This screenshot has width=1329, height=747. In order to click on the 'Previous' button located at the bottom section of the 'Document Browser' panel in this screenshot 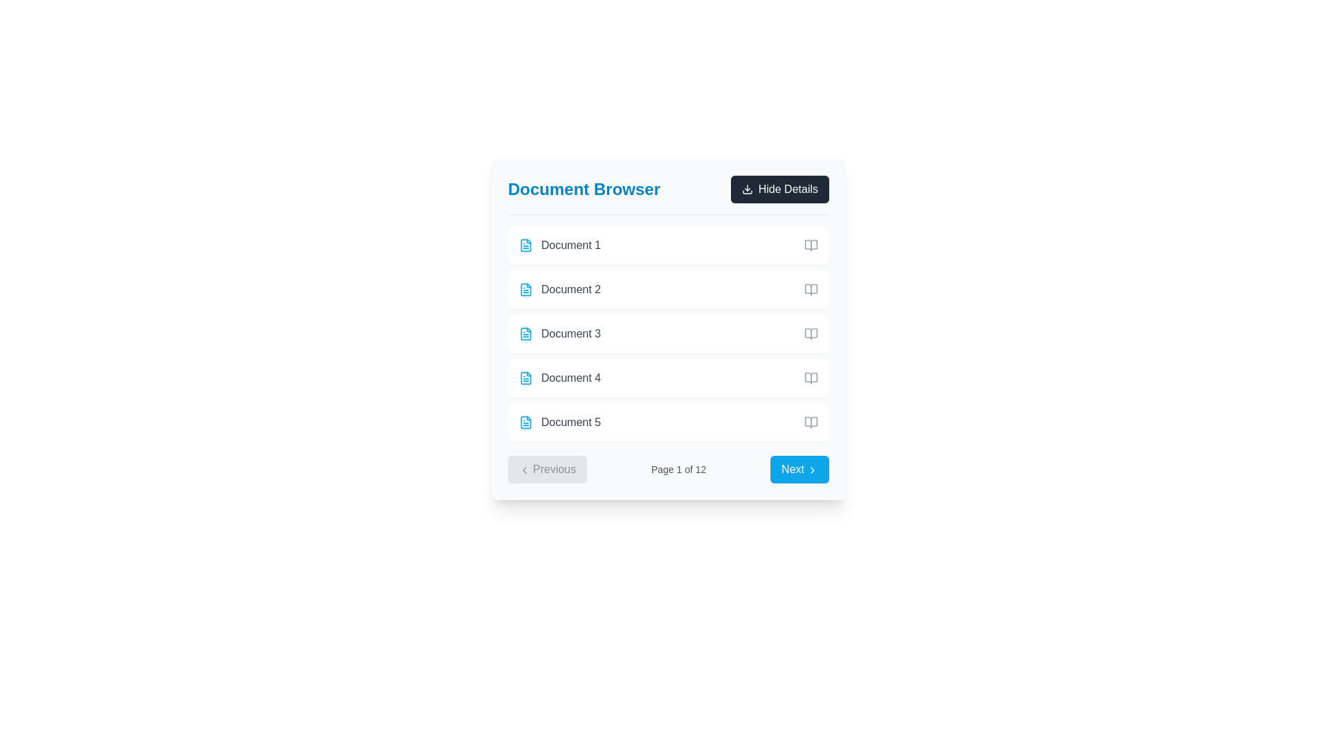, I will do `click(547, 468)`.